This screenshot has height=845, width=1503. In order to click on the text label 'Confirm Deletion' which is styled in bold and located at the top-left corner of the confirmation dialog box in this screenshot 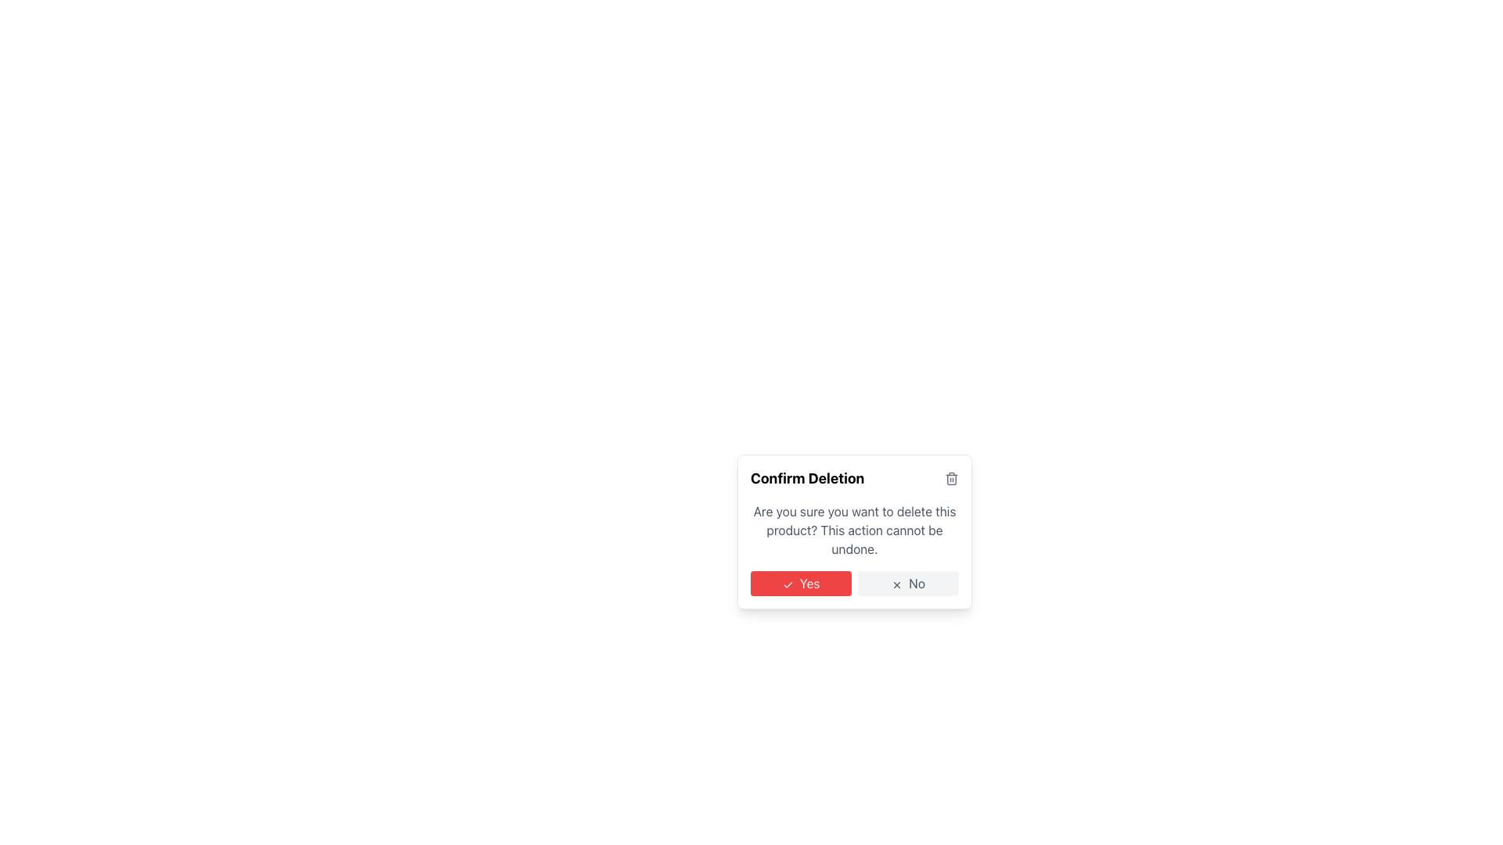, I will do `click(807, 478)`.